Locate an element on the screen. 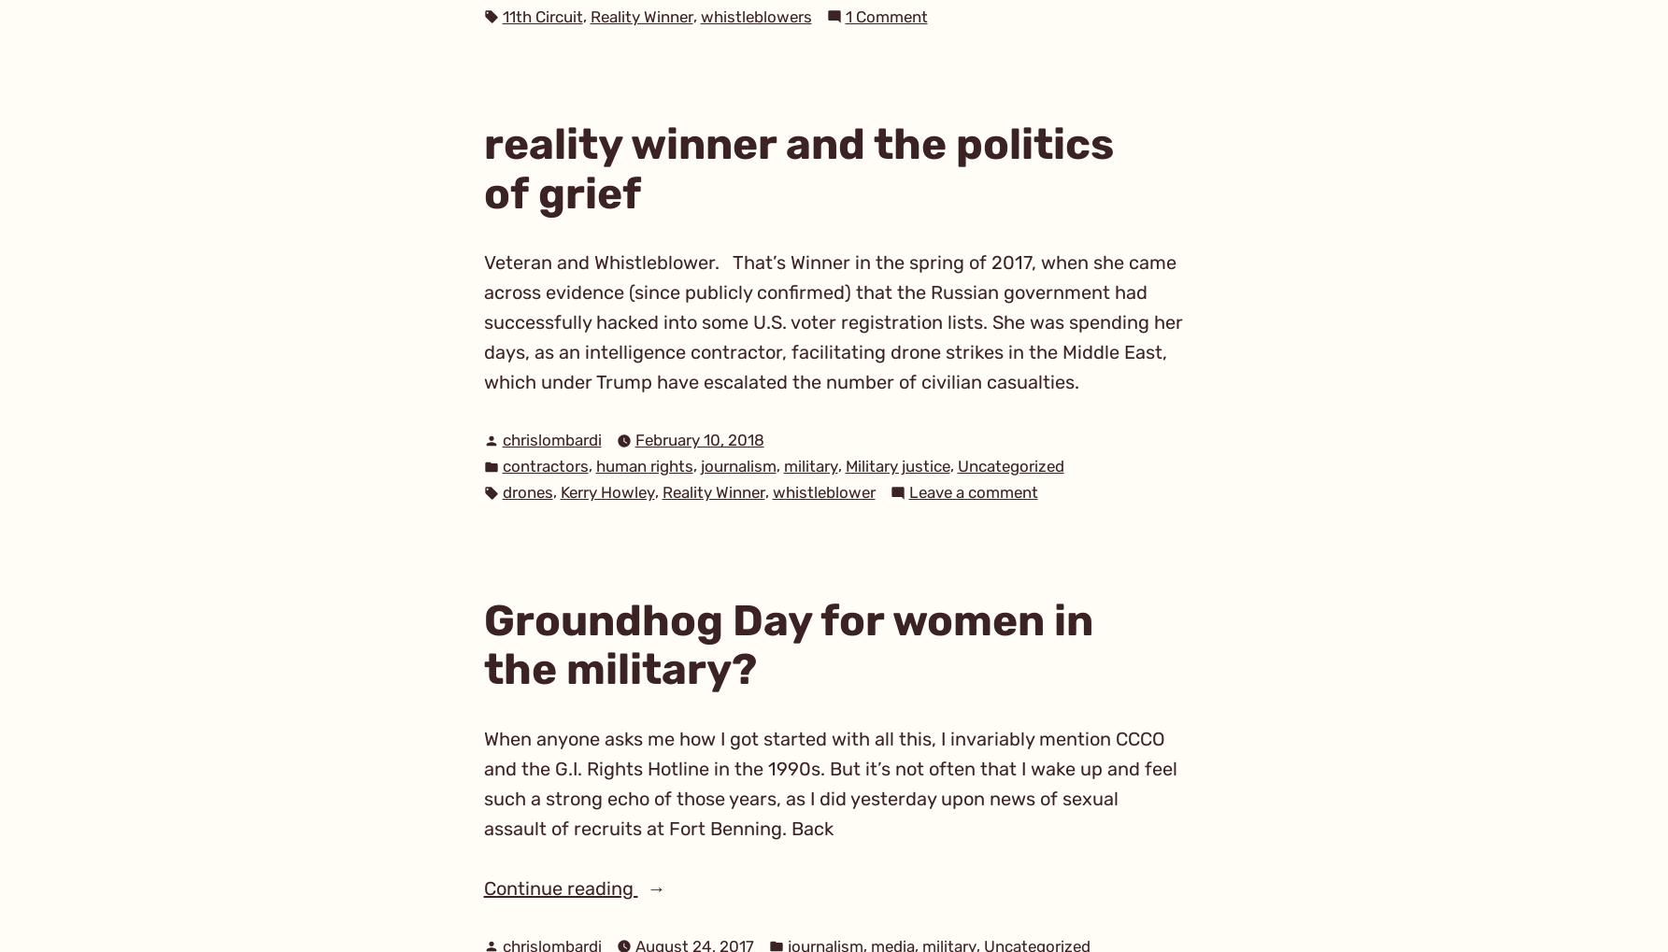 This screenshot has height=952, width=1668. 'reality winner and the politics of grief' is located at coordinates (797, 167).